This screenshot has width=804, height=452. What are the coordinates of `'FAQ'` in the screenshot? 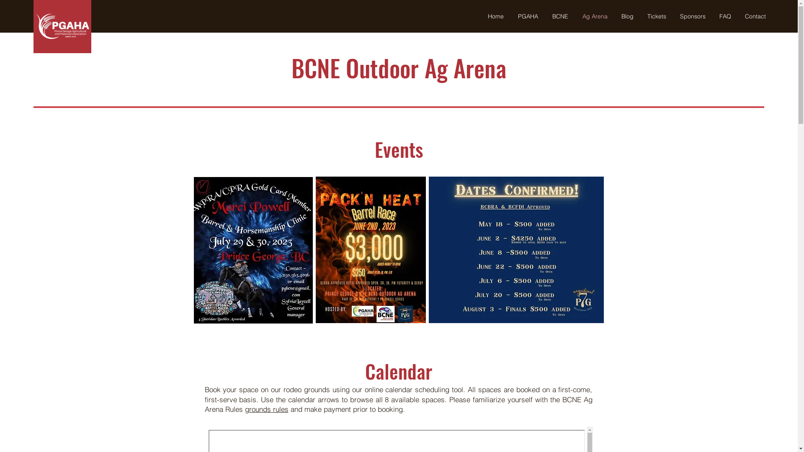 It's located at (724, 16).